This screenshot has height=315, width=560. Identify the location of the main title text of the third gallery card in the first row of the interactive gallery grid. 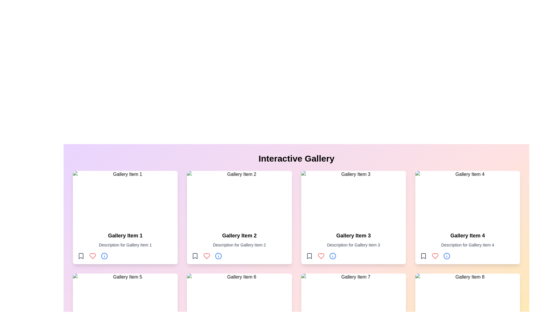
(353, 235).